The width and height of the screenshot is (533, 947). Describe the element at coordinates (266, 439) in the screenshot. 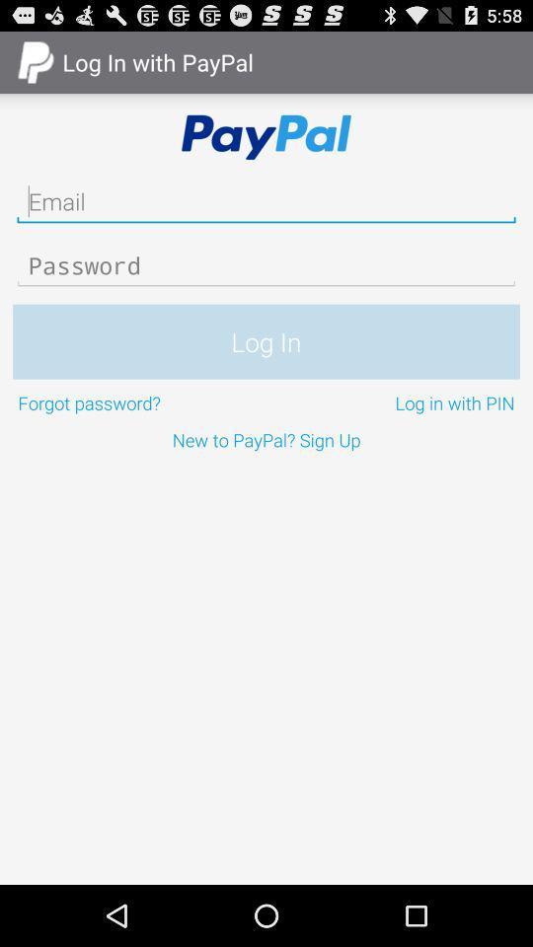

I see `the new to paypal` at that location.